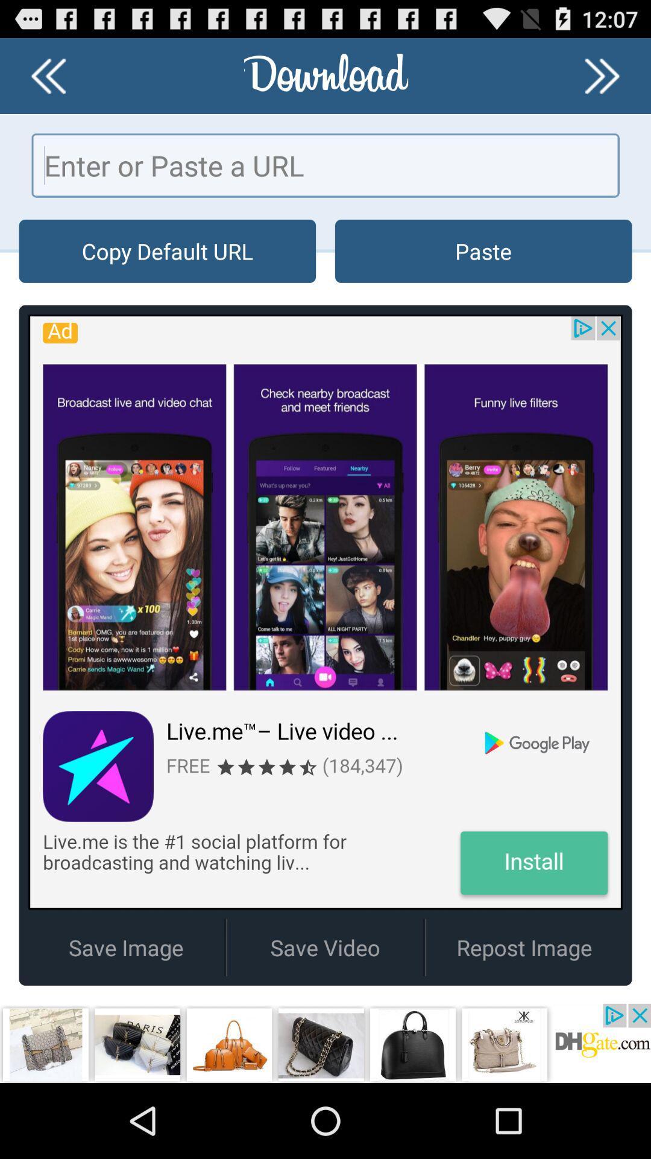 This screenshot has height=1159, width=651. Describe the element at coordinates (325, 1042) in the screenshot. I see `the advertisement` at that location.